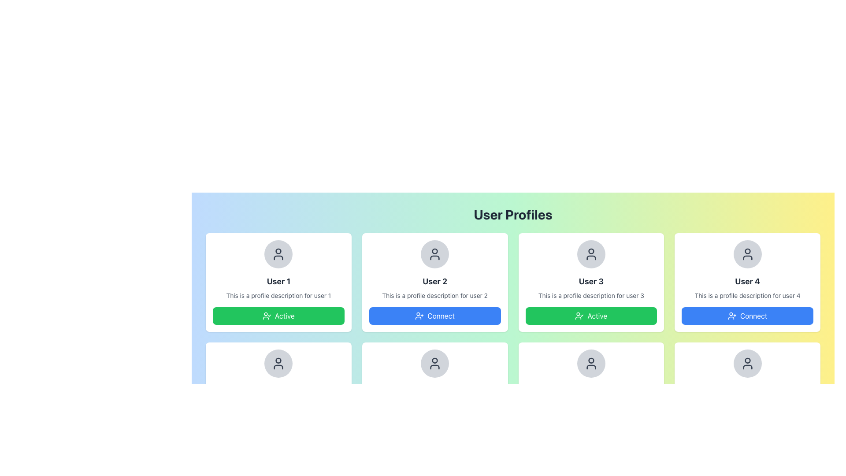 This screenshot has height=476, width=846. What do you see at coordinates (435, 364) in the screenshot?
I see `the profile picture icon for 'User 6', located near the top center of the card in the grid layout` at bounding box center [435, 364].